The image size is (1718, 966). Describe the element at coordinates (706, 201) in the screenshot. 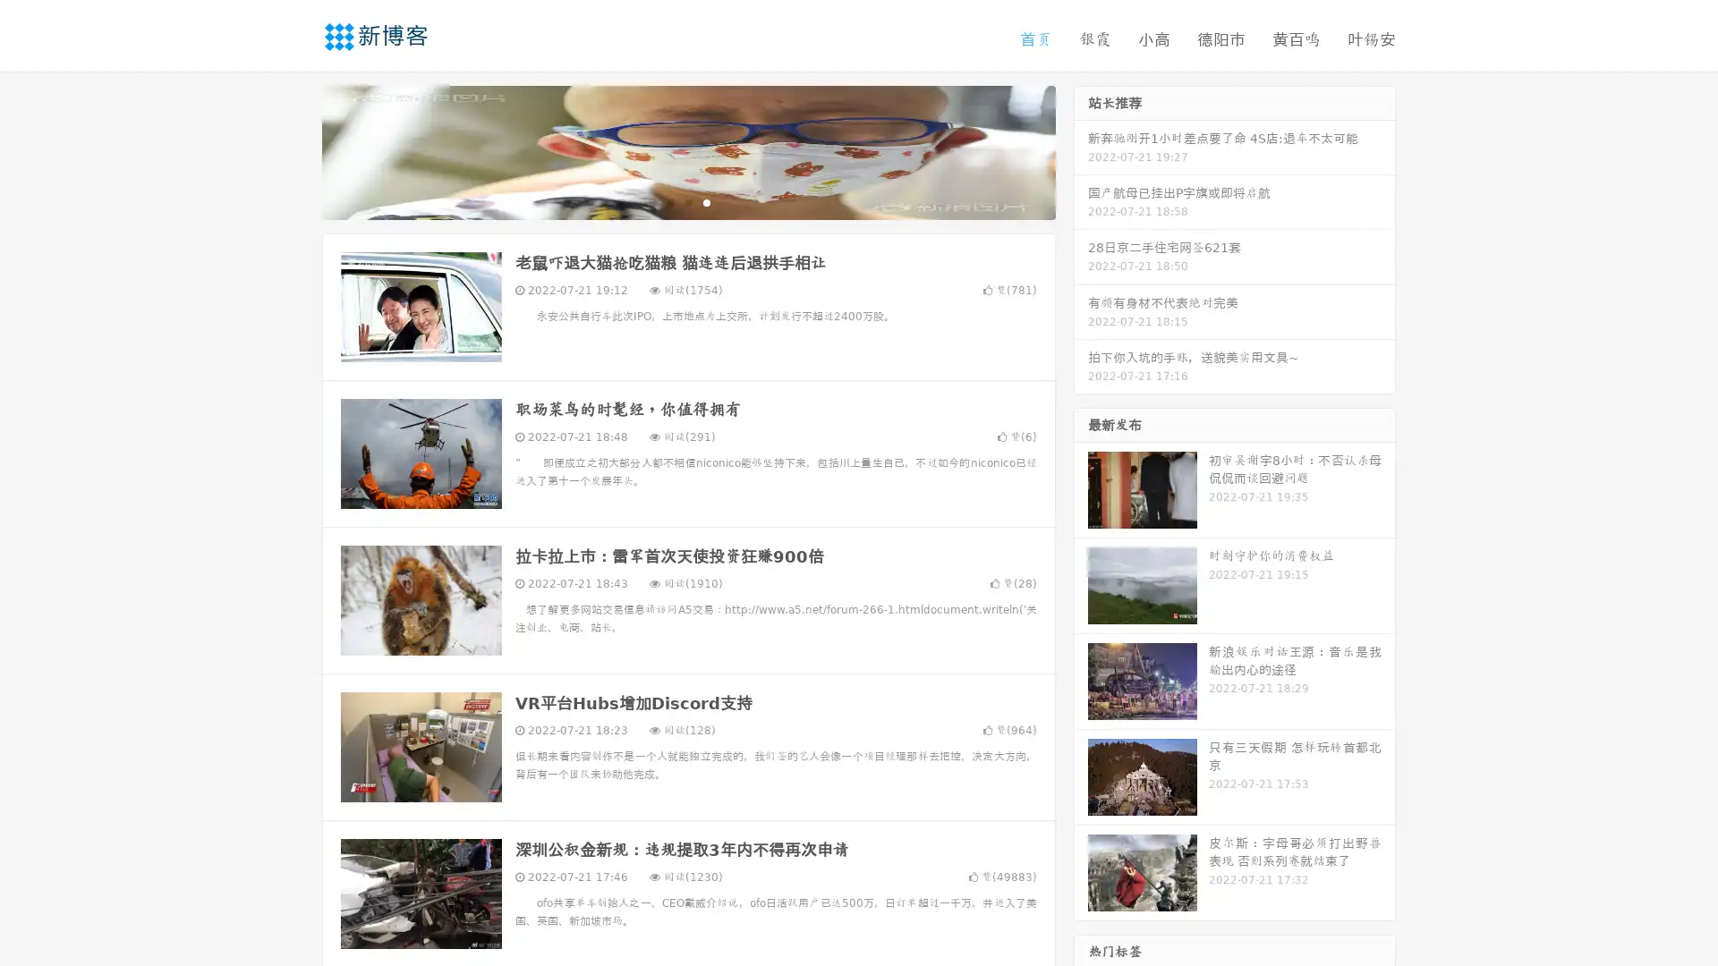

I see `Go to slide 3` at that location.